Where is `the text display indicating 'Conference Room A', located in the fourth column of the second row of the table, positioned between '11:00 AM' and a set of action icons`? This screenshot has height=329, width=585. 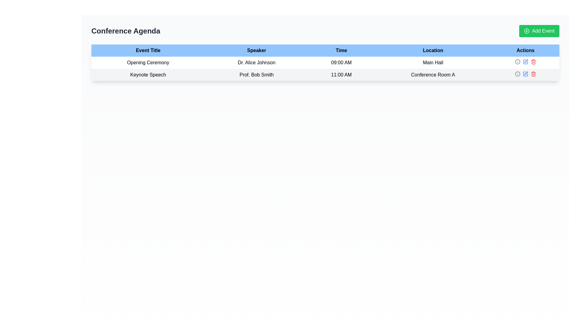
the text display indicating 'Conference Room A', located in the fourth column of the second row of the table, positioned between '11:00 AM' and a set of action icons is located at coordinates (433, 75).